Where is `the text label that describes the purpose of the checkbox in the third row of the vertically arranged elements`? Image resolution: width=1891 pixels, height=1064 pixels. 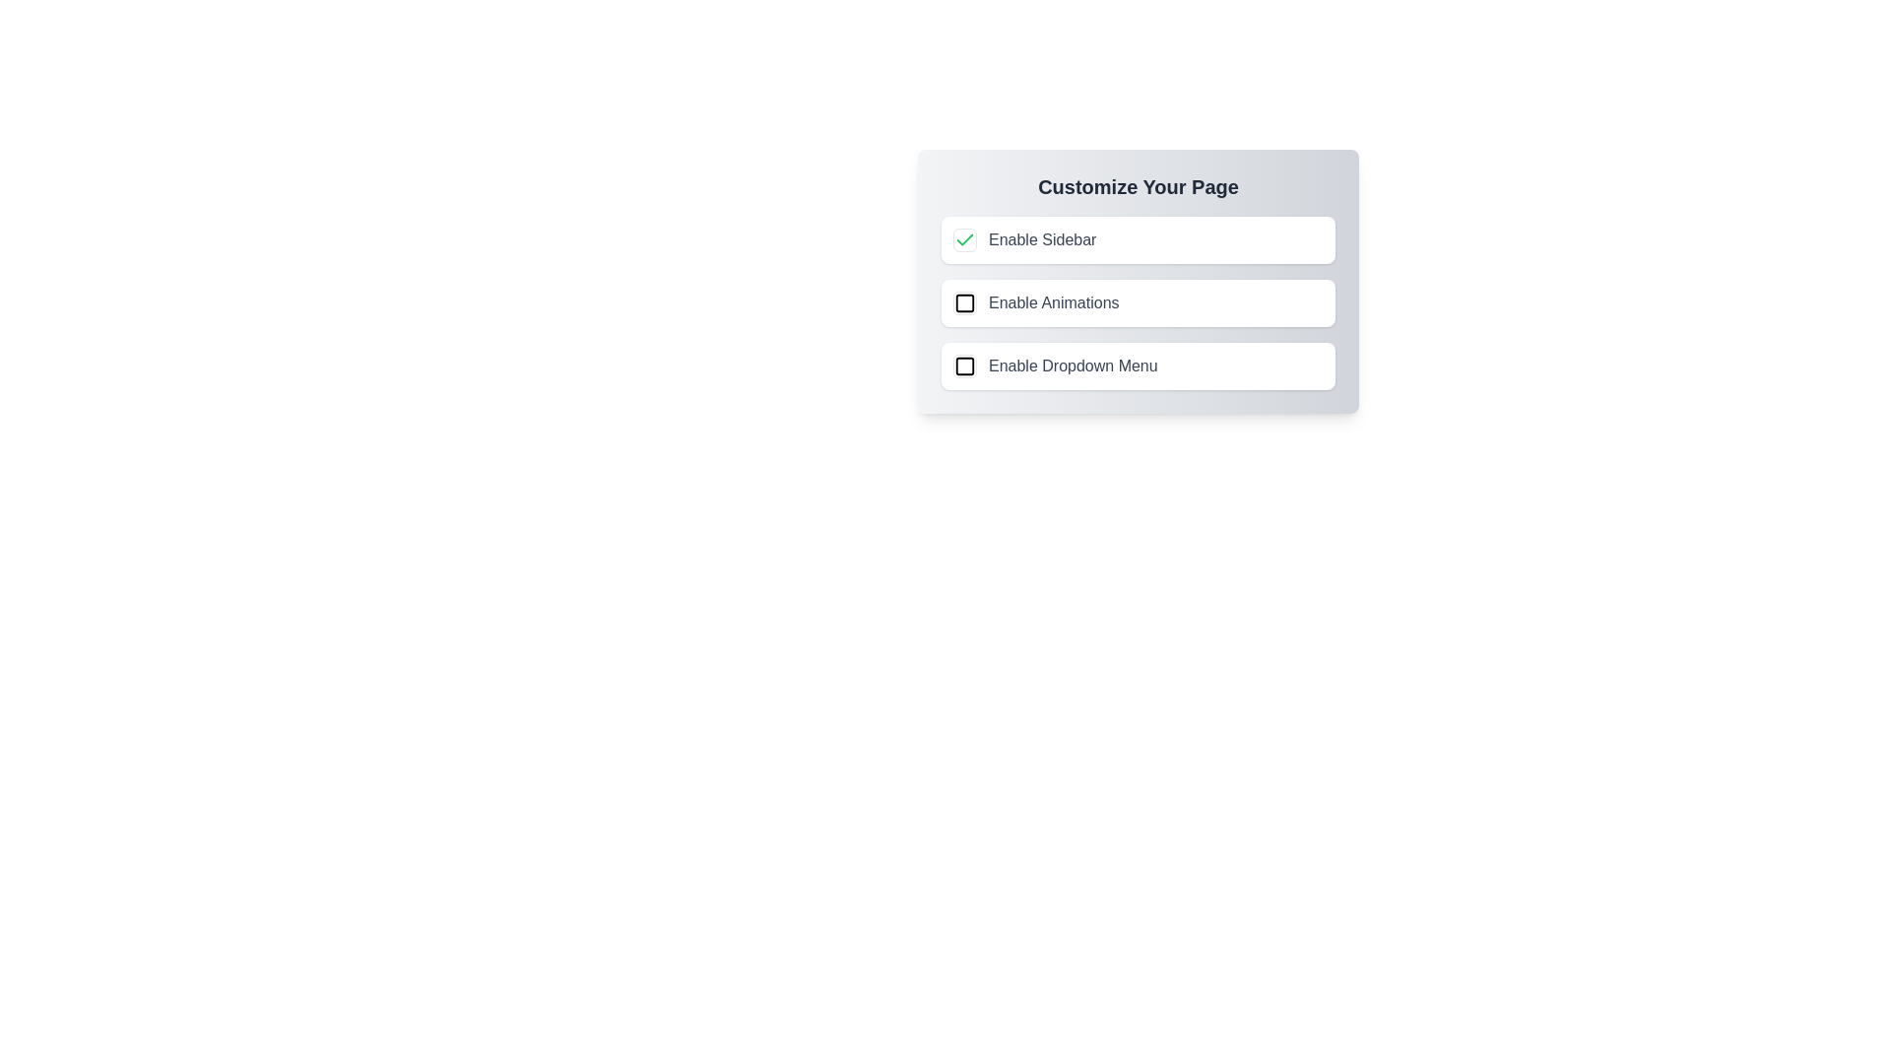
the text label that describes the purpose of the checkbox in the third row of the vertically arranged elements is located at coordinates (1072, 366).